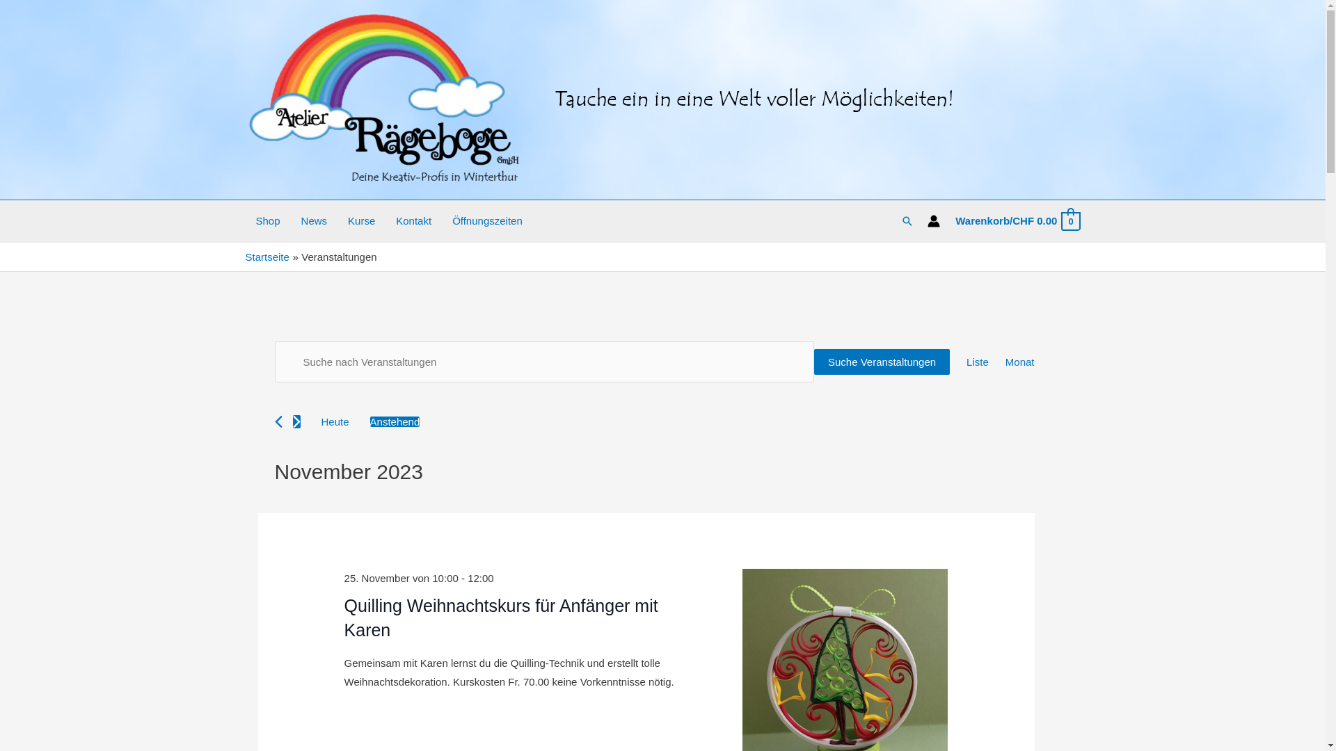  Describe the element at coordinates (278, 421) in the screenshot. I see `'Vorherige Veranstaltungen'` at that location.